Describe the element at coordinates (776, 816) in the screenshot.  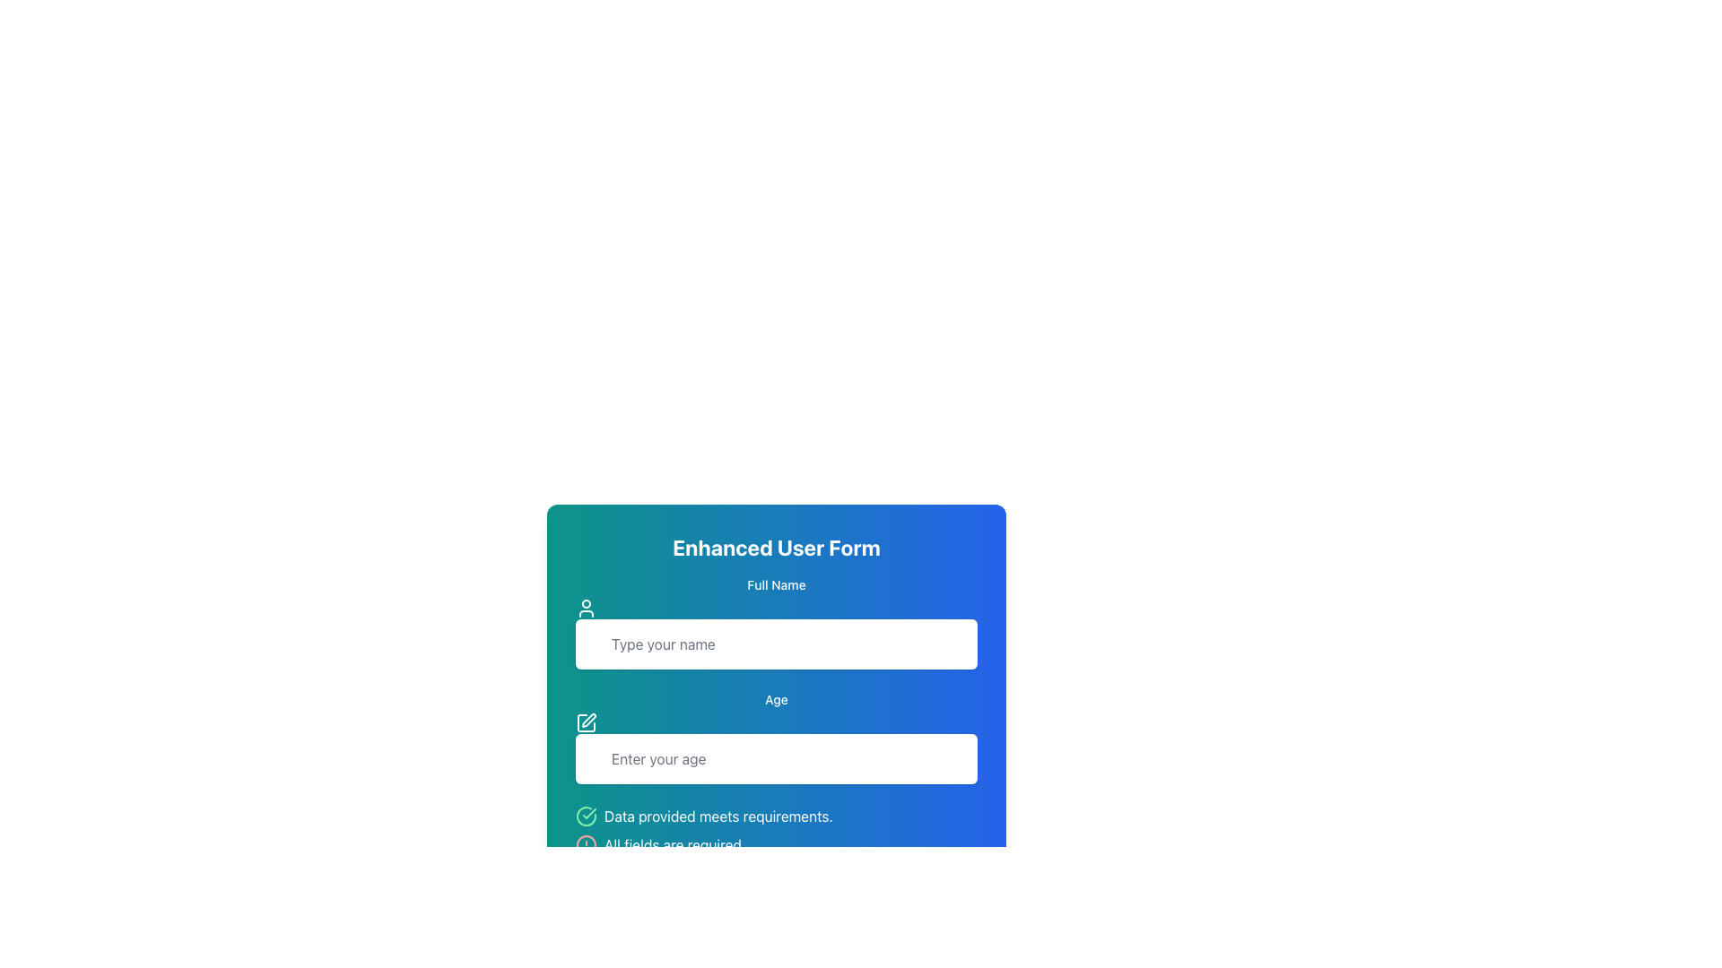
I see `Notification Label that indicates the data provided meets necessary conditions, located below the 'Full Name' and 'Age' inputs and above the 'All fields are required' message` at that location.